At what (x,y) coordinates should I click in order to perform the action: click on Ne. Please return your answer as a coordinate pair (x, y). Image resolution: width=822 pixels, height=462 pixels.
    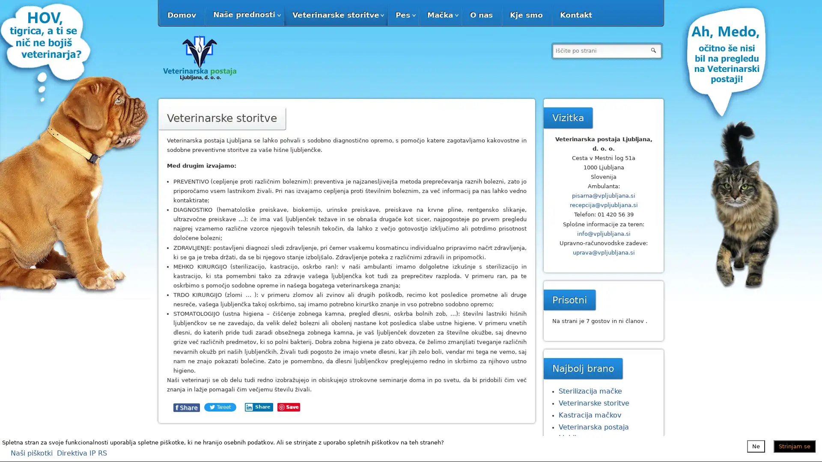
    Looking at the image, I should click on (756, 445).